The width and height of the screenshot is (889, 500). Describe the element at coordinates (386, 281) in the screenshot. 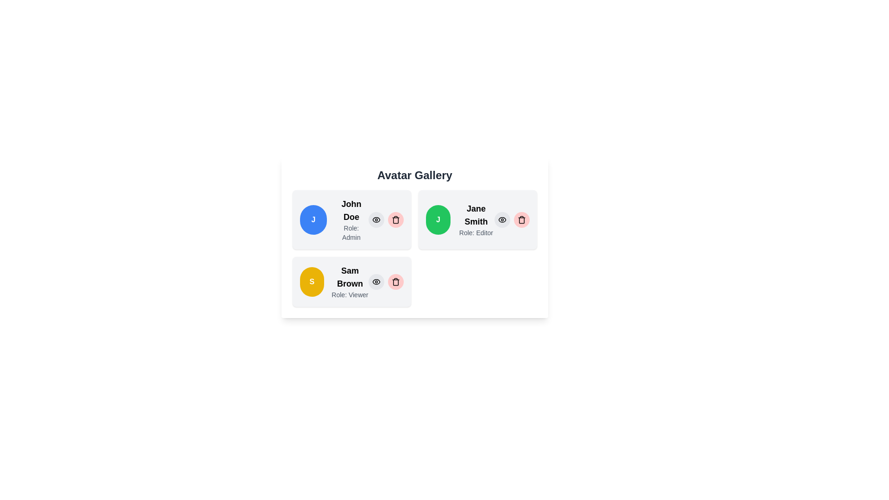

I see `the left button with an eye icon in the Group of interactive buttons for the 'Sam Brown' entry` at that location.